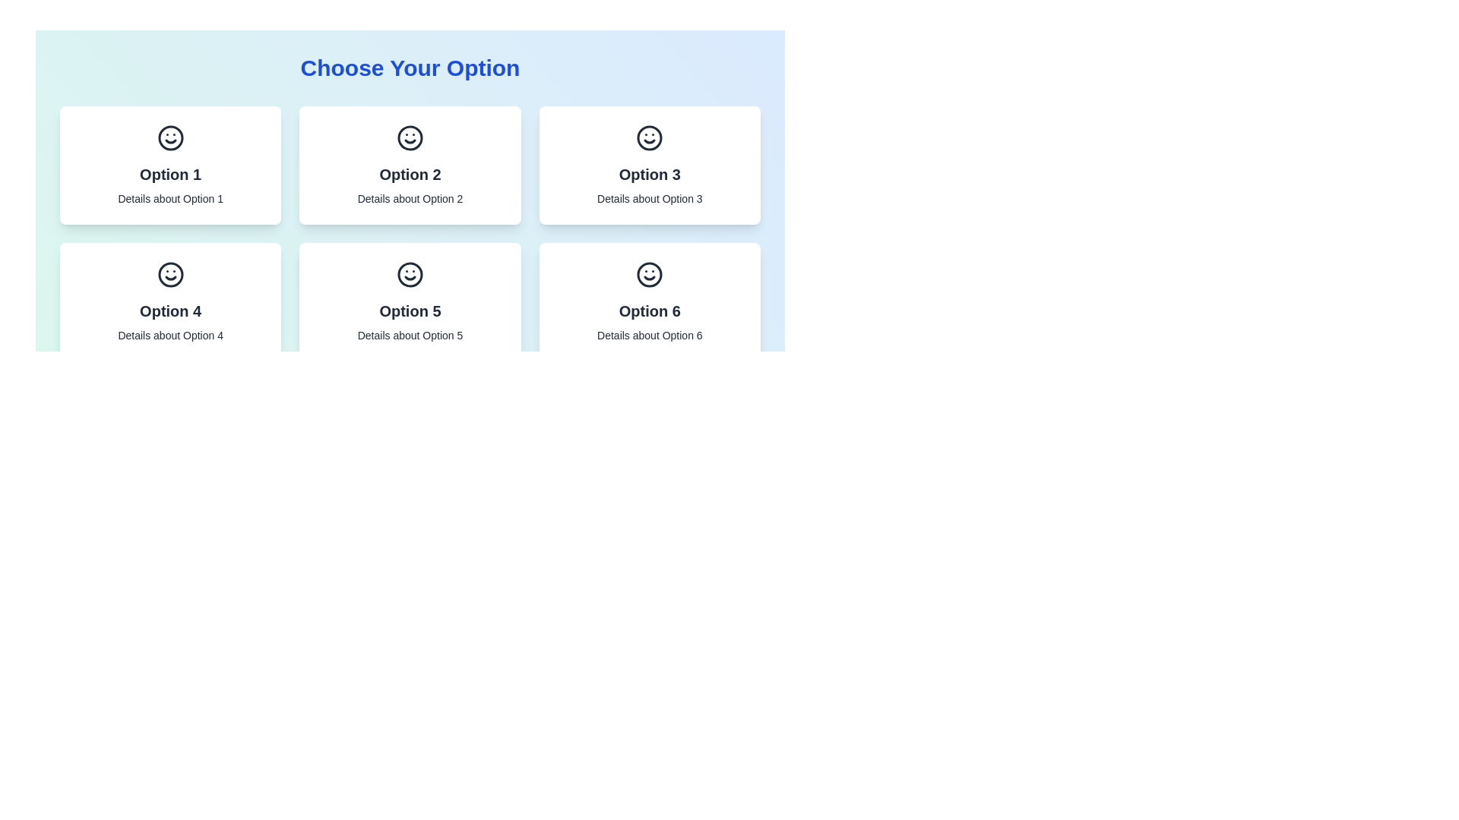 The height and width of the screenshot is (820, 1459). What do you see at coordinates (650, 275) in the screenshot?
I see `the graphical circle element that is part of the smiley face icon located in the bottom-right card labeled 'Option 6'` at bounding box center [650, 275].